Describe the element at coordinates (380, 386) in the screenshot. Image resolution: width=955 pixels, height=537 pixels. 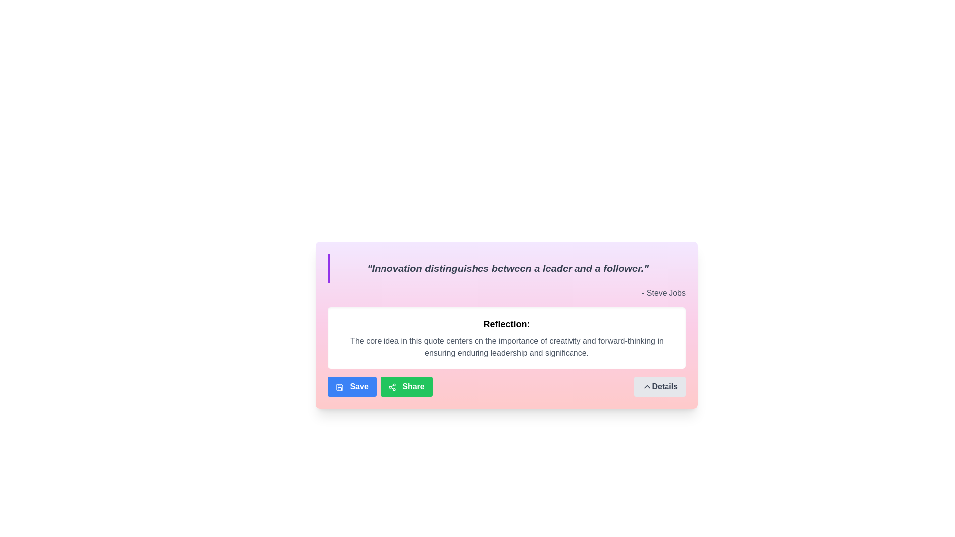
I see `the Grouped interactive buttons (Save and Share) located at the bottom left of the quote card interface` at that location.